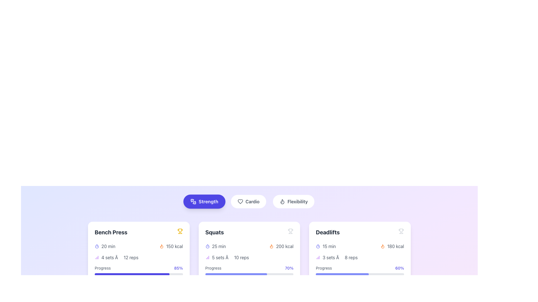 This screenshot has width=538, height=302. I want to click on the static text label that describes the percentage value displayed next to it, indicating progress in a task, located in the leftmost card of a three-card arrangement, so click(103, 268).